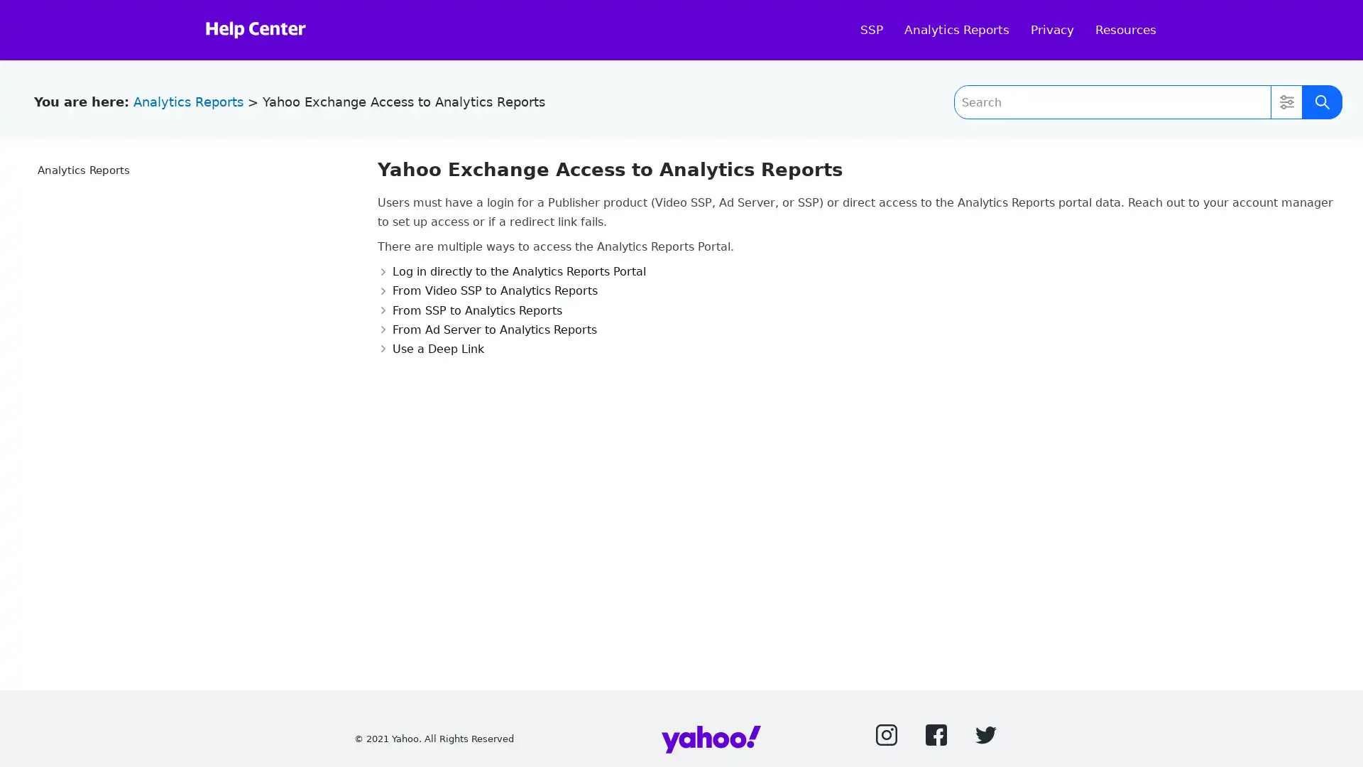 This screenshot has width=1363, height=767. I want to click on Closed From SSP to Analytics Reports, so click(469, 309).